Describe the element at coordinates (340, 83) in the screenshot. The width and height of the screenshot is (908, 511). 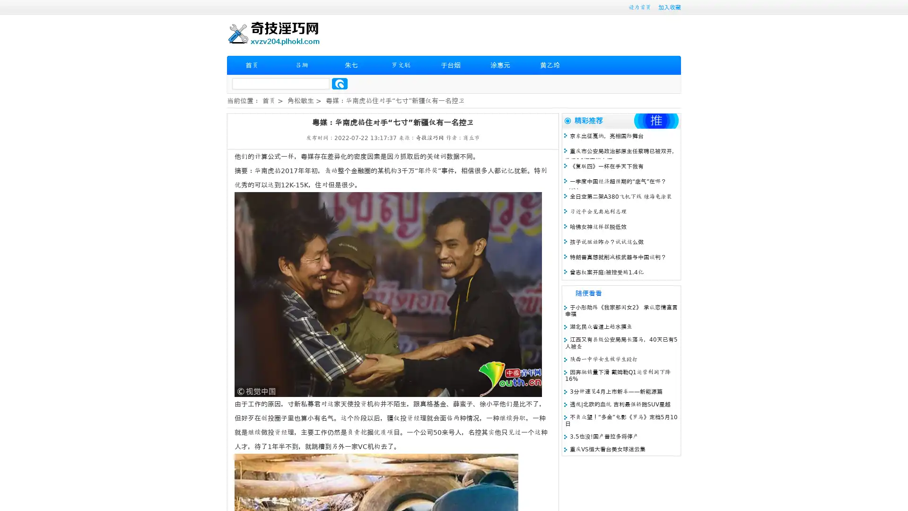
I see `Search` at that location.